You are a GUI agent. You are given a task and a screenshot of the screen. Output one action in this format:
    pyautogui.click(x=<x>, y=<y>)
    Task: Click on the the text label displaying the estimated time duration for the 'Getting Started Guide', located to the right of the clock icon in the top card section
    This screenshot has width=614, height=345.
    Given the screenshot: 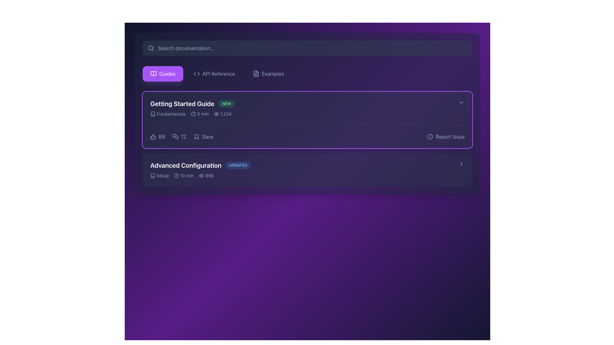 What is the action you would take?
    pyautogui.click(x=202, y=114)
    